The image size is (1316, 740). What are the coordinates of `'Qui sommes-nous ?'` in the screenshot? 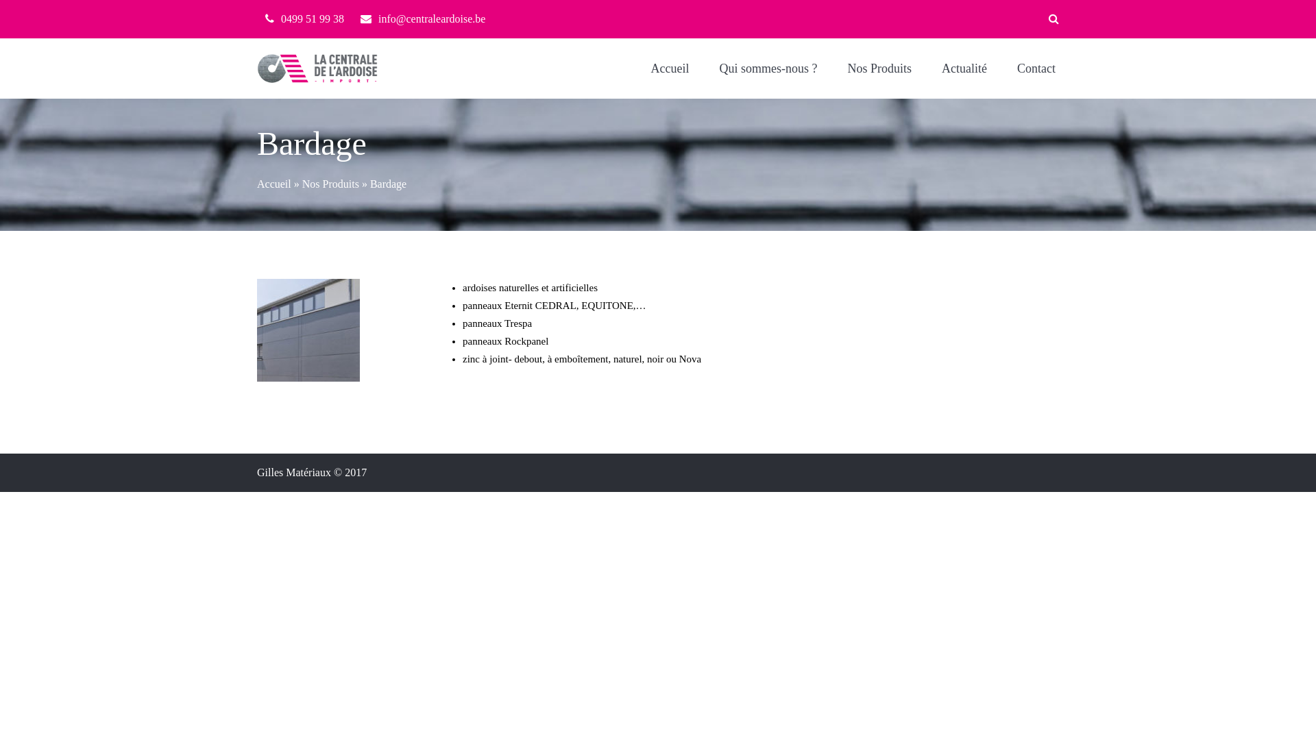 It's located at (768, 69).